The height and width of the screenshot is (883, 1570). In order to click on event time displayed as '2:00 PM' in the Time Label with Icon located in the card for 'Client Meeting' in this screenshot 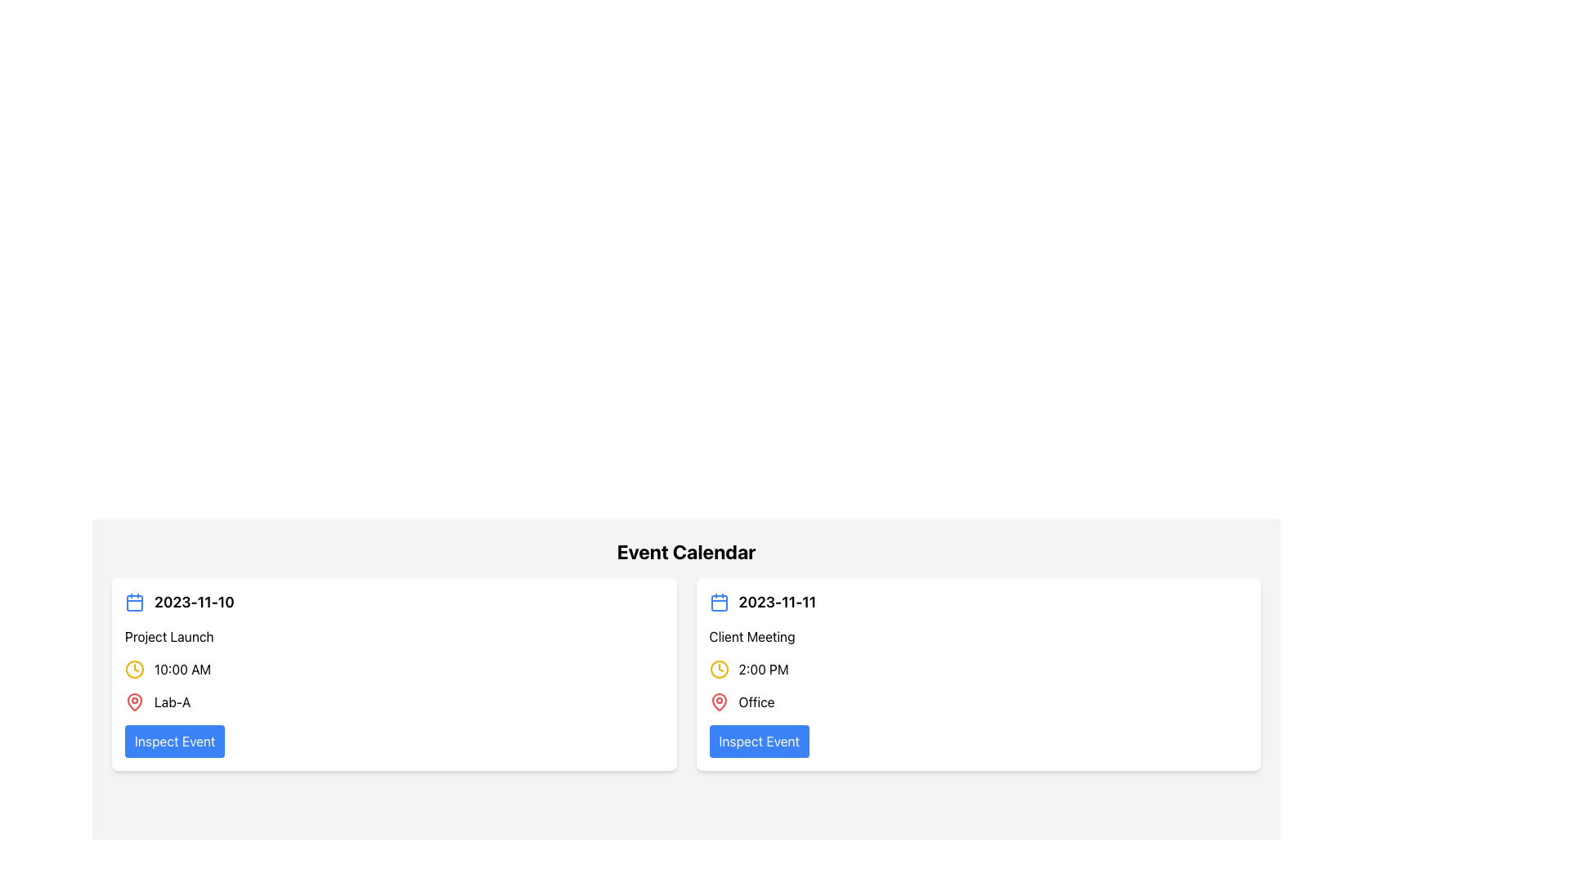, I will do `click(748, 669)`.